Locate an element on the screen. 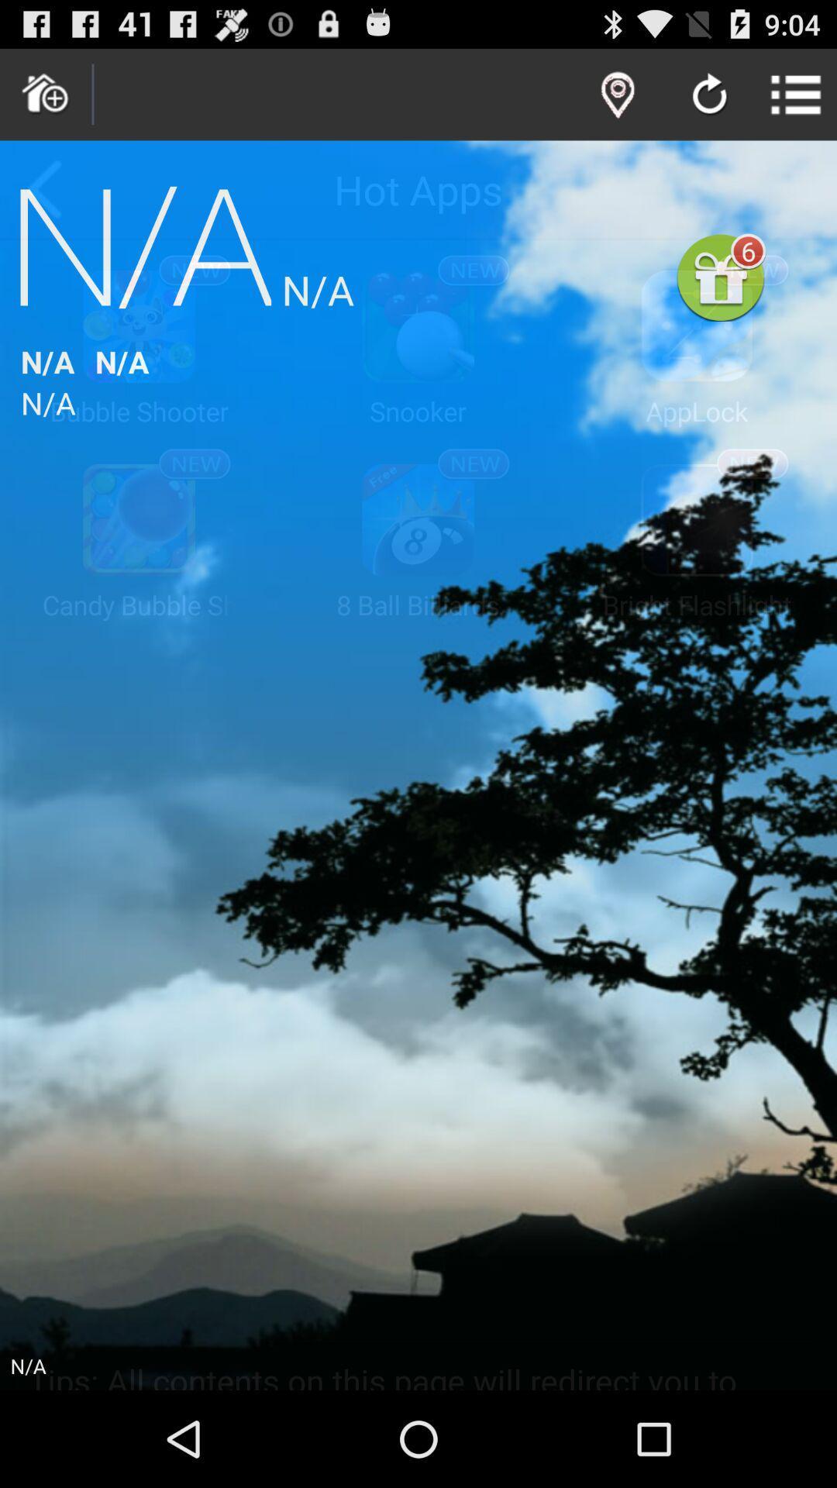 This screenshot has width=837, height=1488. the list icon is located at coordinates (796, 100).